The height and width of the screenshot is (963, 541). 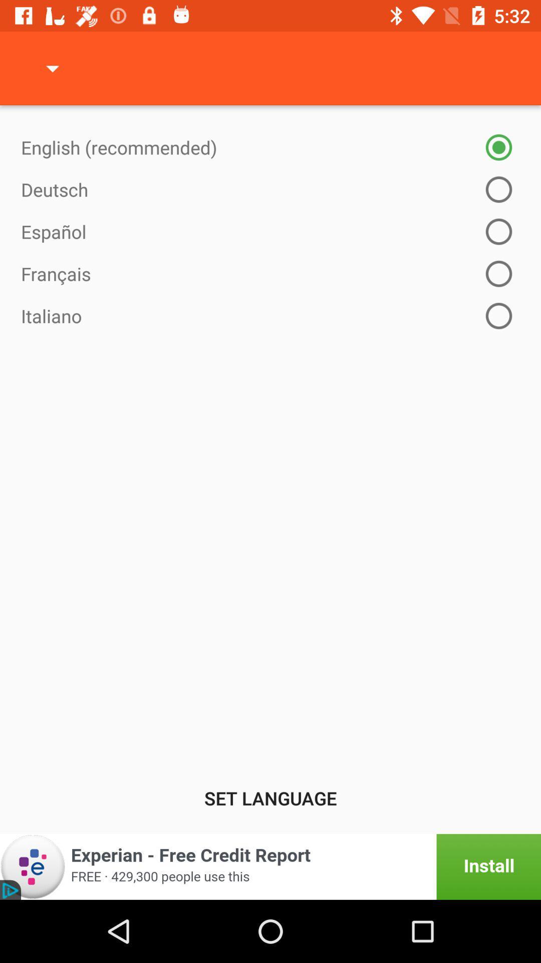 What do you see at coordinates (270, 797) in the screenshot?
I see `the set language` at bounding box center [270, 797].